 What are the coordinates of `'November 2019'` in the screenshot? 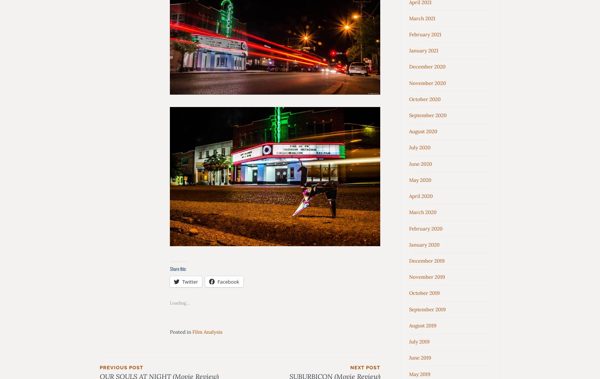 It's located at (427, 277).